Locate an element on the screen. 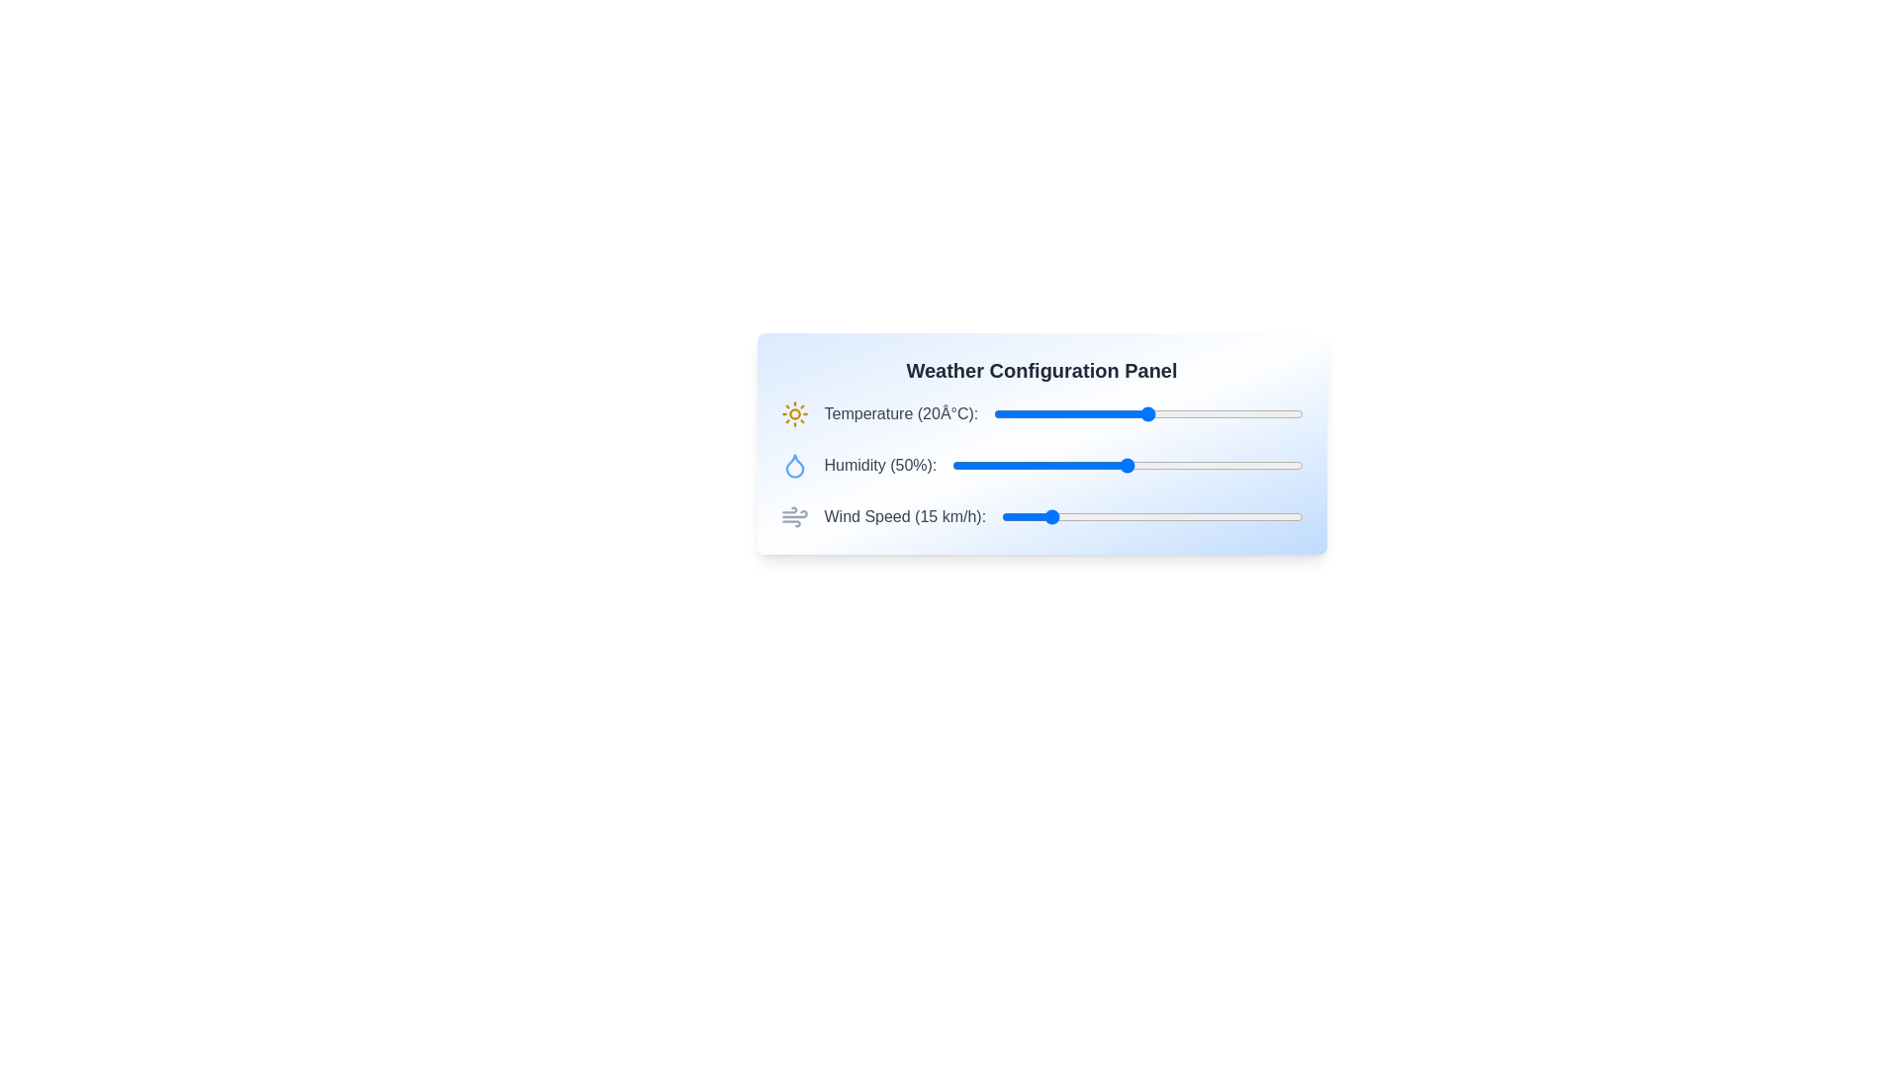 The width and height of the screenshot is (1899, 1068). the wind speed slider to 75 km/h is located at coordinates (1226, 516).